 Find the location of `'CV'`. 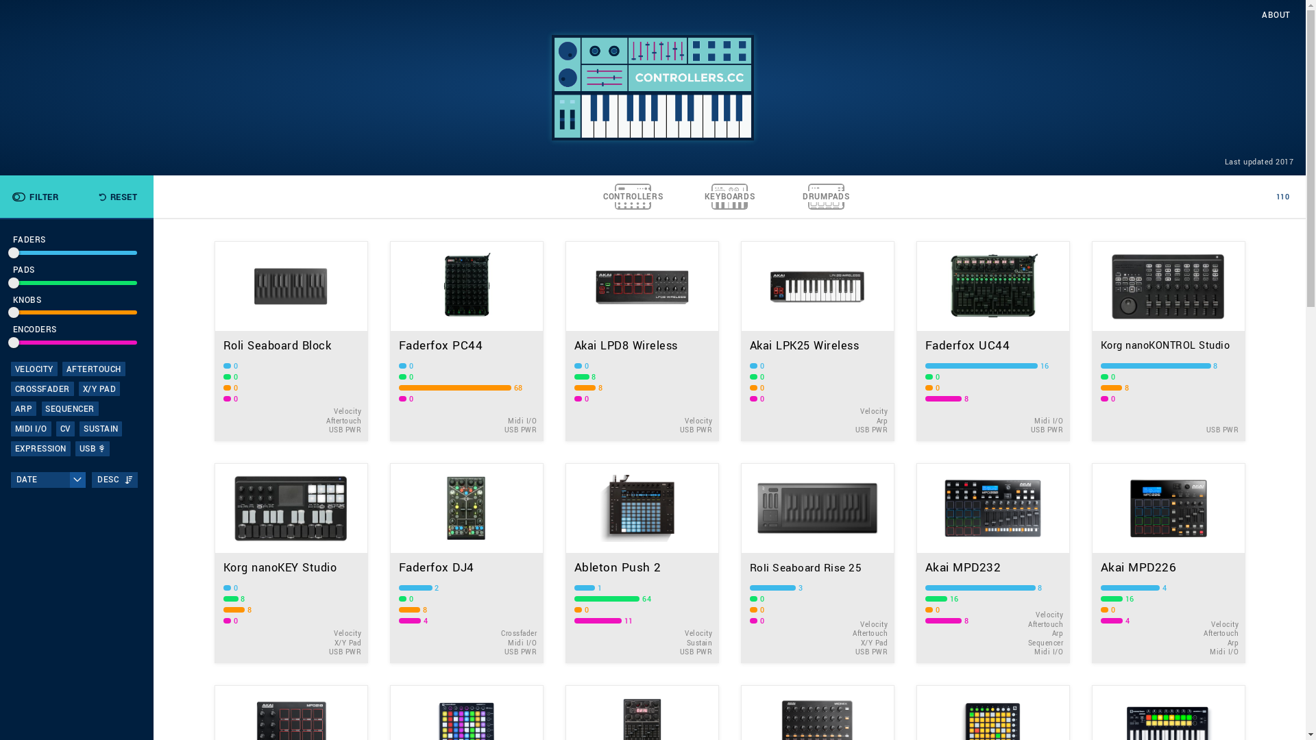

'CV' is located at coordinates (55, 428).